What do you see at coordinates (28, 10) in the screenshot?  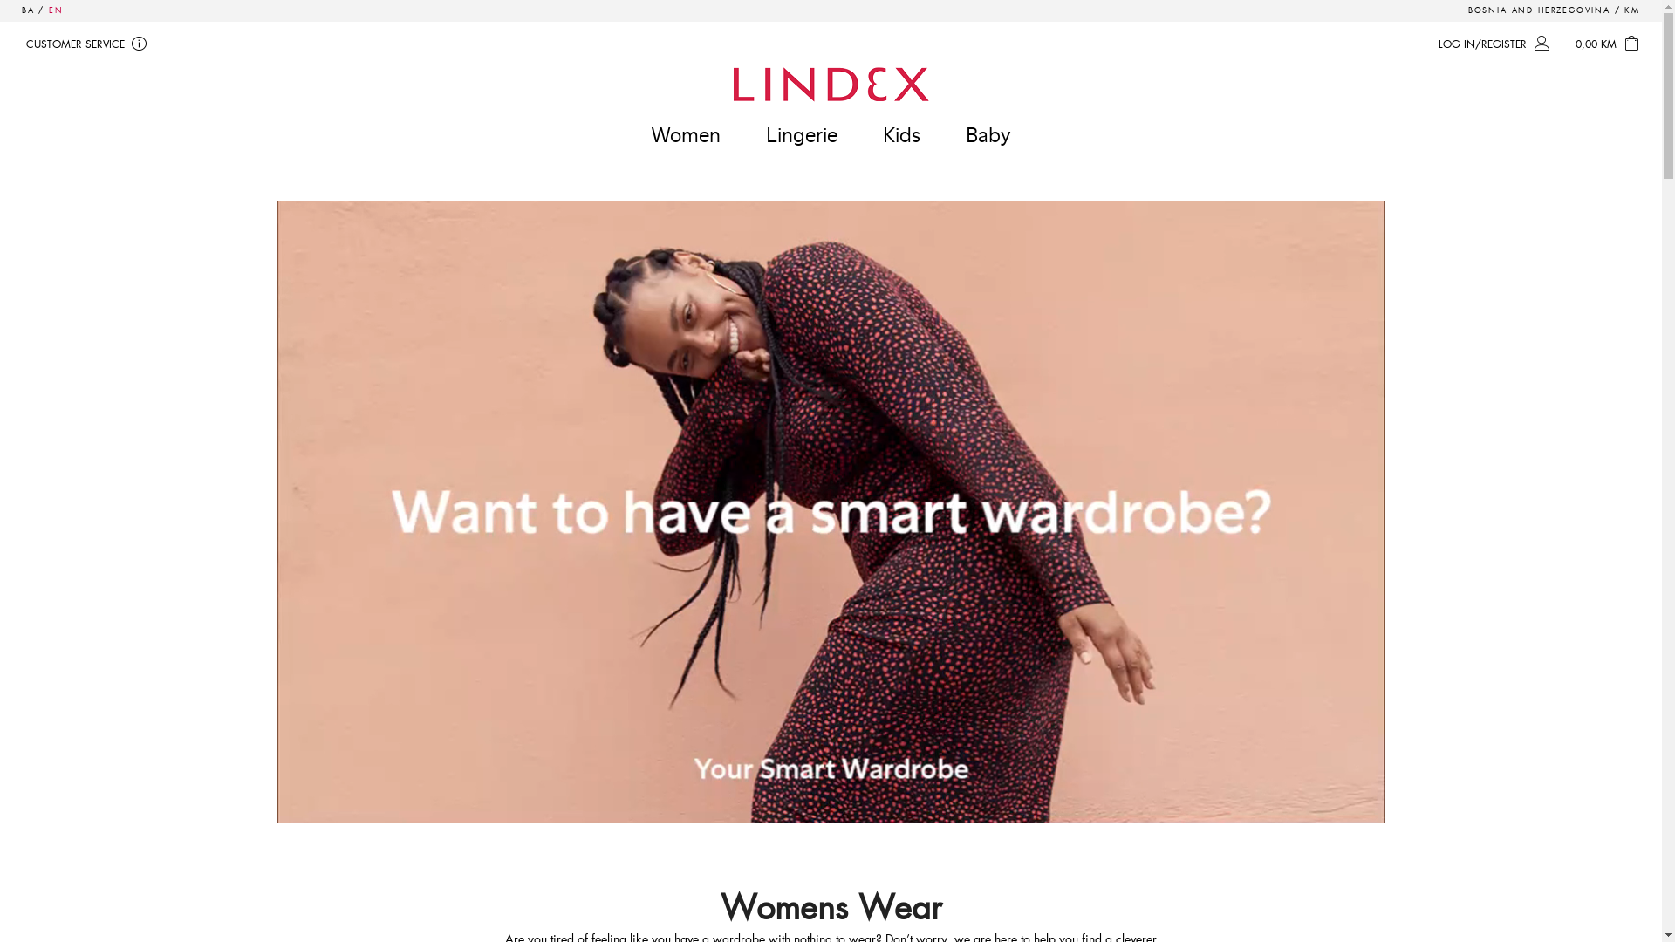 I see `'BA'` at bounding box center [28, 10].